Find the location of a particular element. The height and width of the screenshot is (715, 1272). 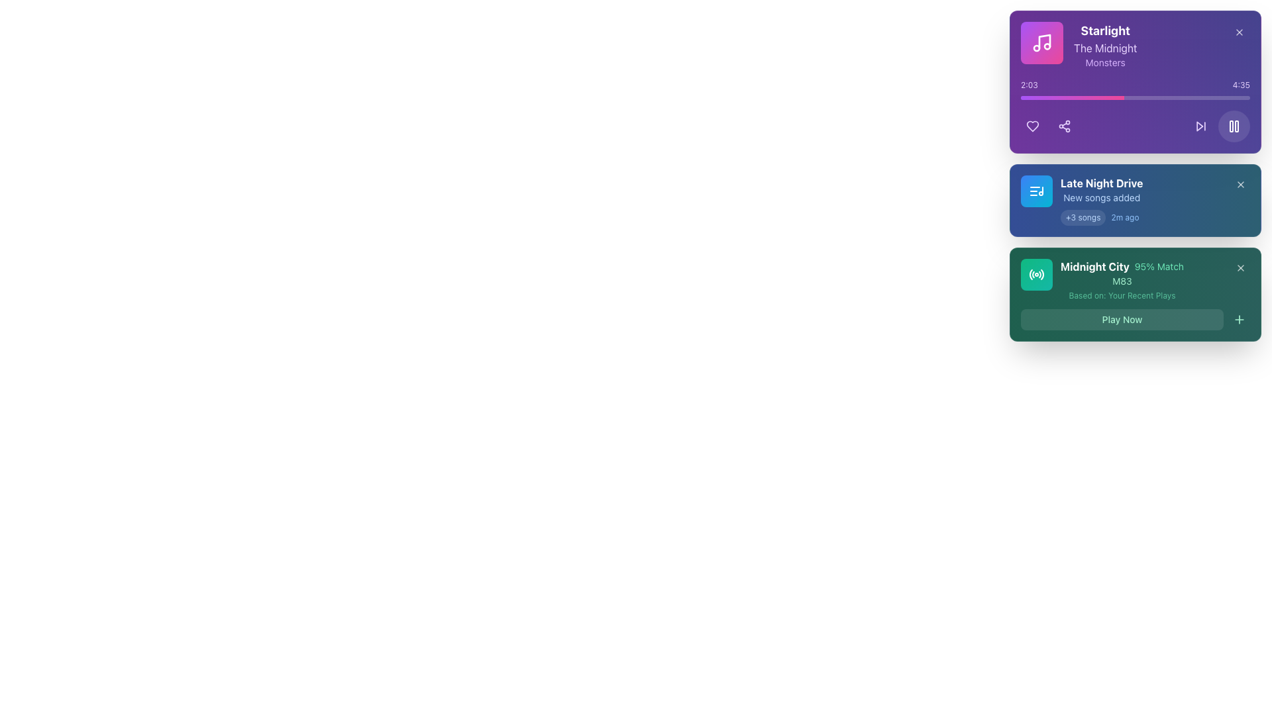

the pause button represented by an icon with two vertical bars, styled with a white stroke on a purple background is located at coordinates (1233, 126).